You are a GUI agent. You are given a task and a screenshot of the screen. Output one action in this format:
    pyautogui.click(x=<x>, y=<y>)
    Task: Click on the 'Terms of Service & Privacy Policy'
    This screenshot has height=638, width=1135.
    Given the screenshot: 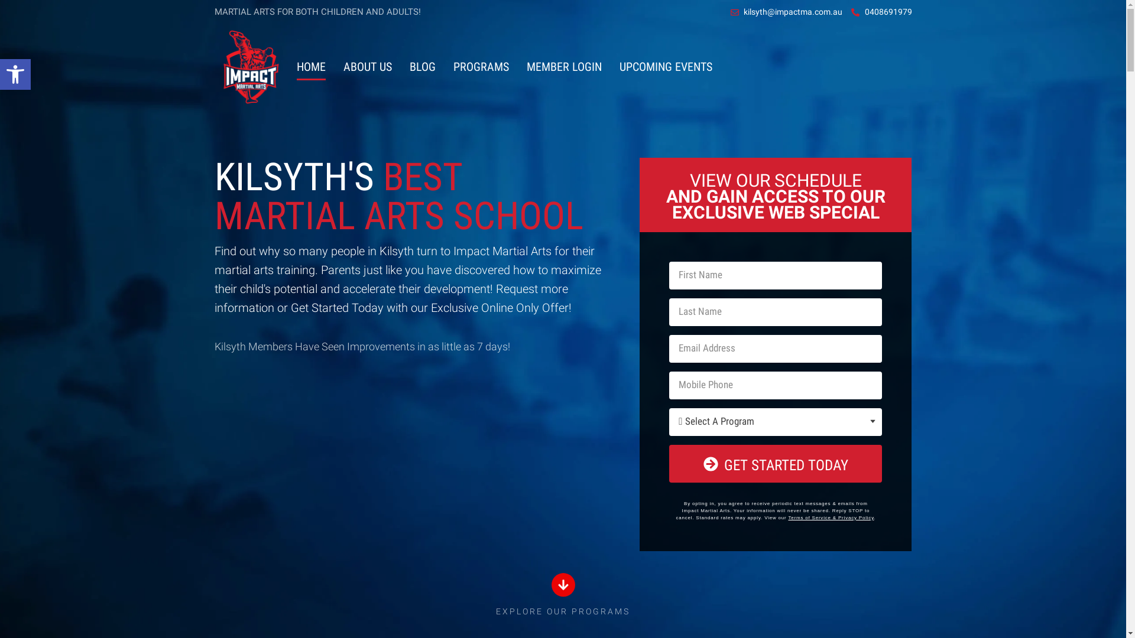 What is the action you would take?
    pyautogui.click(x=830, y=517)
    